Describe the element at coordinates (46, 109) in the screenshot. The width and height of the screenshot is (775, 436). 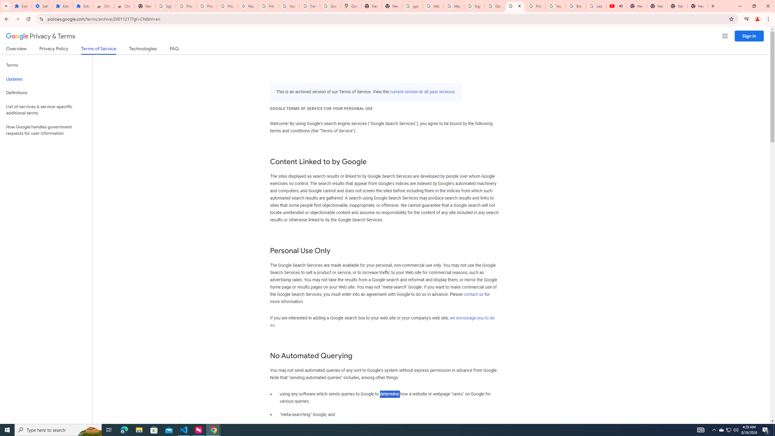
I see `'List of services & service-specific additional terms'` at that location.